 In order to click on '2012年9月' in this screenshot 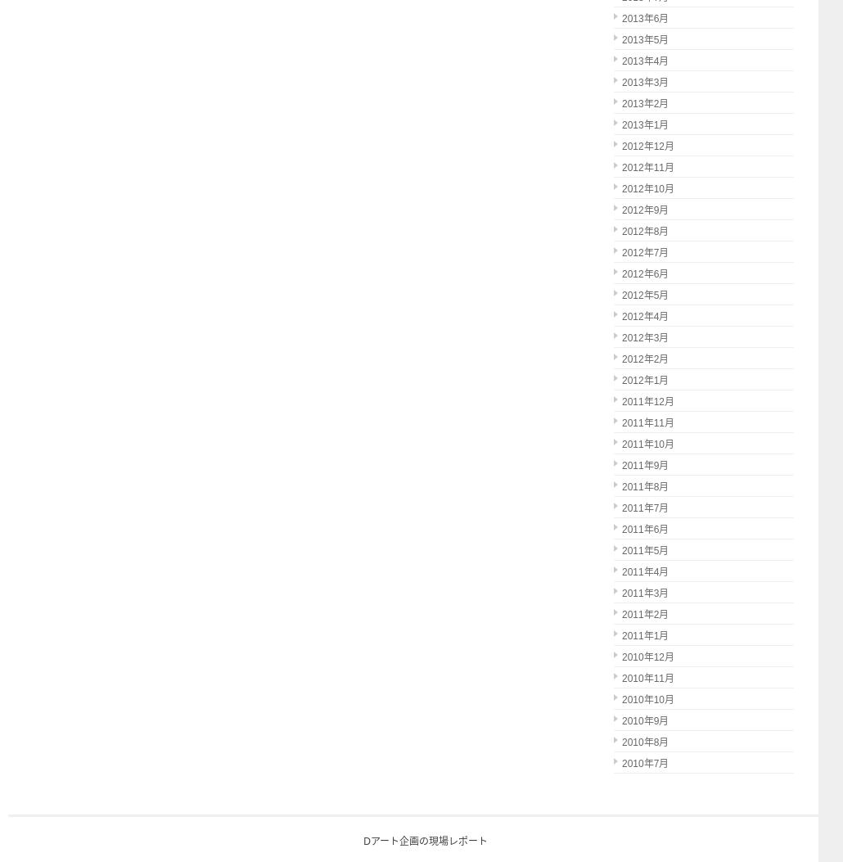, I will do `click(644, 210)`.